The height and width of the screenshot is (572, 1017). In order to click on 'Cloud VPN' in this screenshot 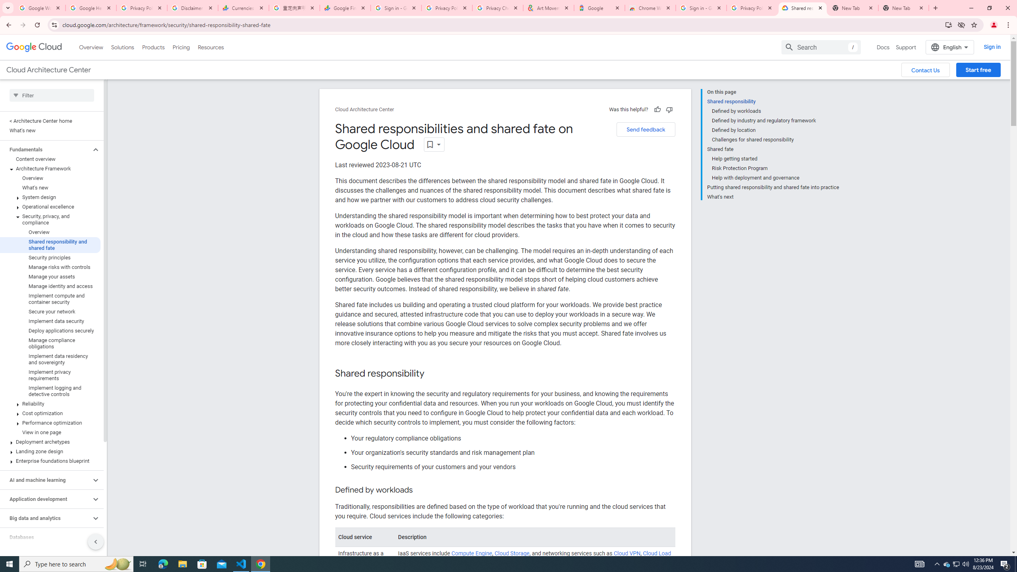, I will do `click(626, 553)`.